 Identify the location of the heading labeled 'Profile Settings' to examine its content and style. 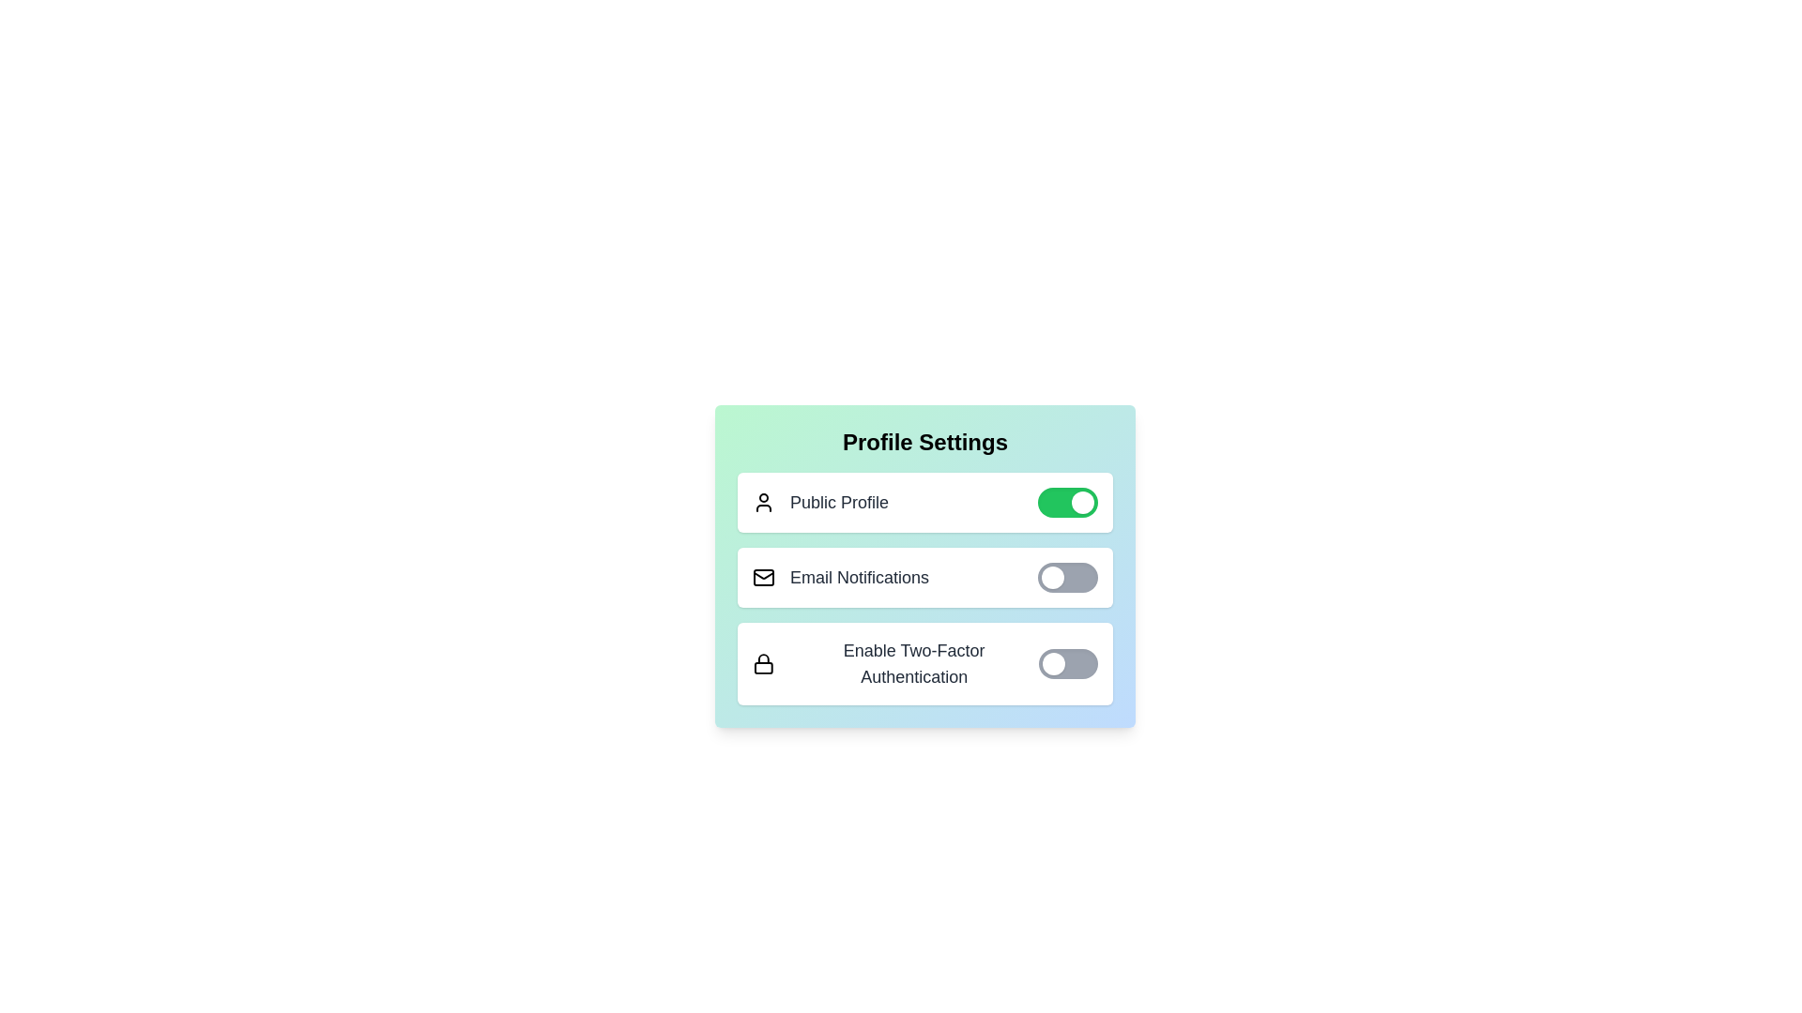
(924, 442).